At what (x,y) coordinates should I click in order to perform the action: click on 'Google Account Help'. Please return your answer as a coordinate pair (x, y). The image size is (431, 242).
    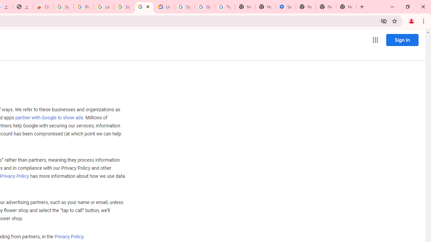
    Looking at the image, I should click on (204, 7).